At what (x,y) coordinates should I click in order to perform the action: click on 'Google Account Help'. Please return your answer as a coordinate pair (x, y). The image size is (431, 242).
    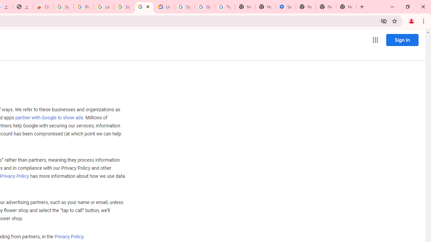
    Looking at the image, I should click on (204, 7).